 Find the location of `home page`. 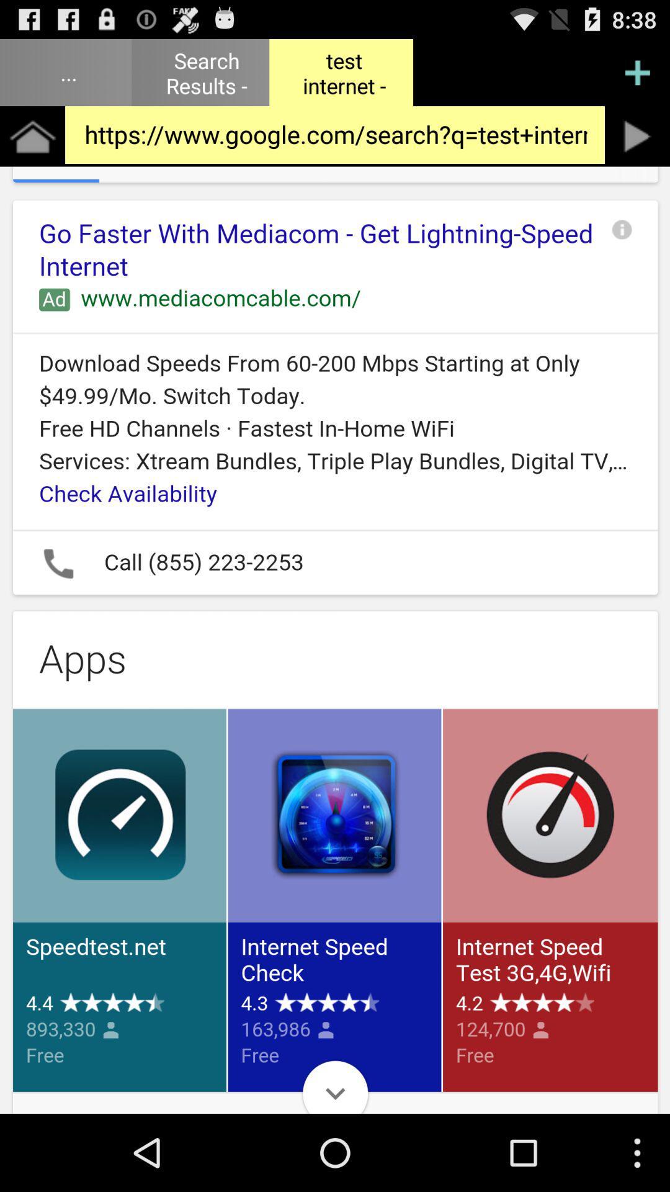

home page is located at coordinates (32, 136).